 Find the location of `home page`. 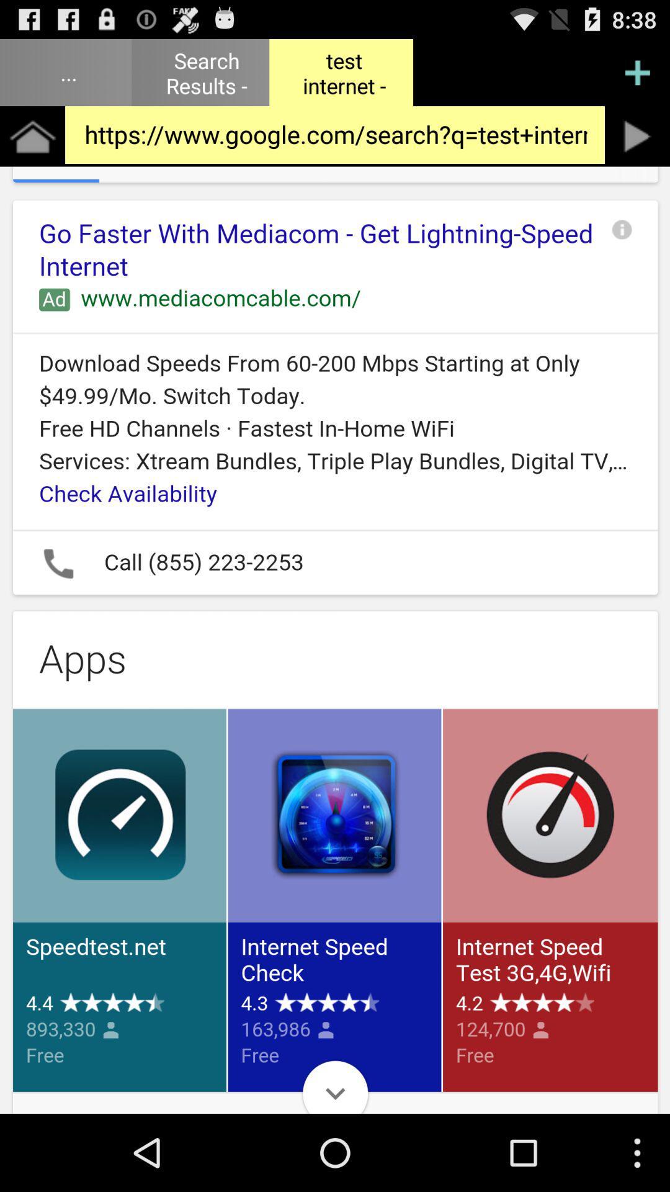

home page is located at coordinates (32, 136).